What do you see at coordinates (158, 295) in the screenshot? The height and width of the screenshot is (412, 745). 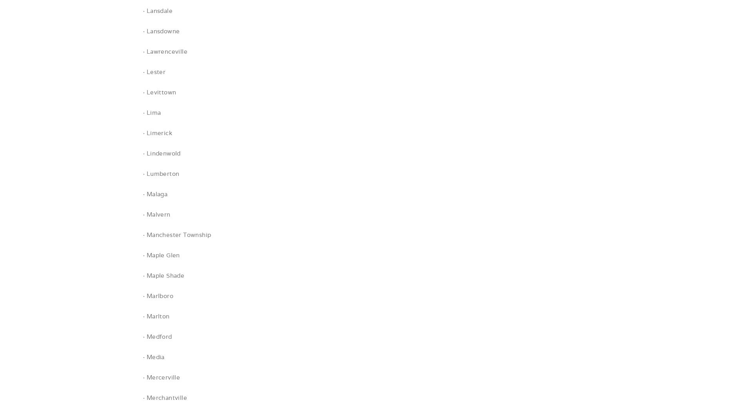 I see `'· Marlboro'` at bounding box center [158, 295].